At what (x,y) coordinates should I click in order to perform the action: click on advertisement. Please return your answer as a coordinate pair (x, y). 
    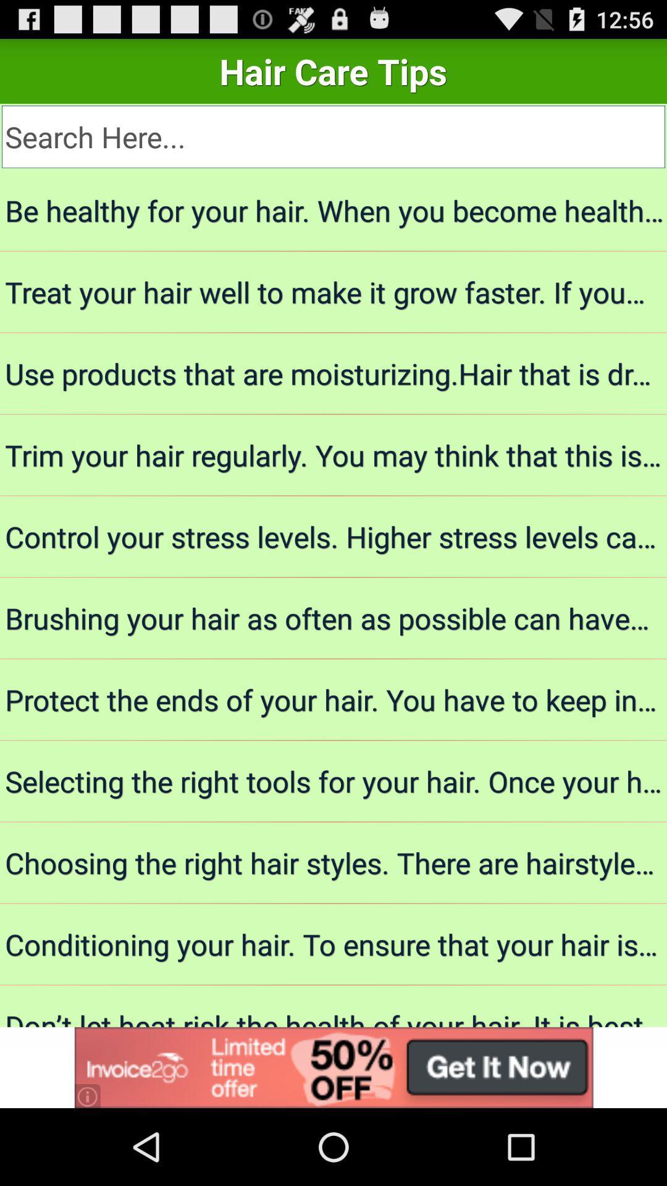
    Looking at the image, I should click on (333, 1067).